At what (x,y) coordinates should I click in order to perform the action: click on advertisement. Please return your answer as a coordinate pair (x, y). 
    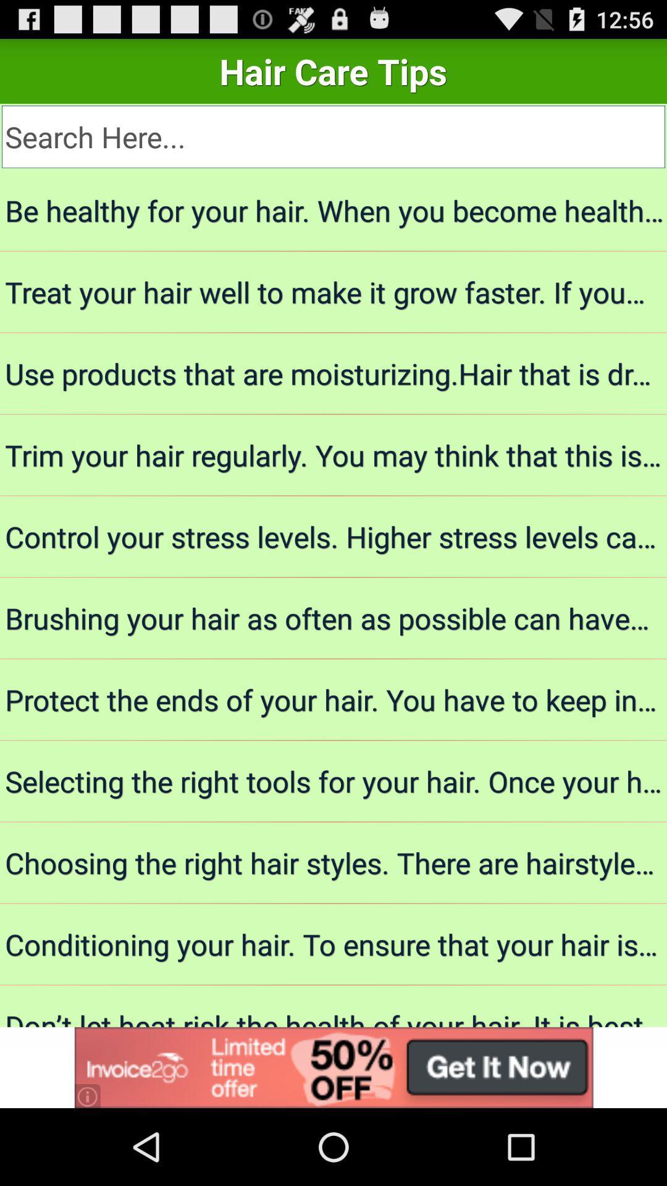
    Looking at the image, I should click on (333, 1067).